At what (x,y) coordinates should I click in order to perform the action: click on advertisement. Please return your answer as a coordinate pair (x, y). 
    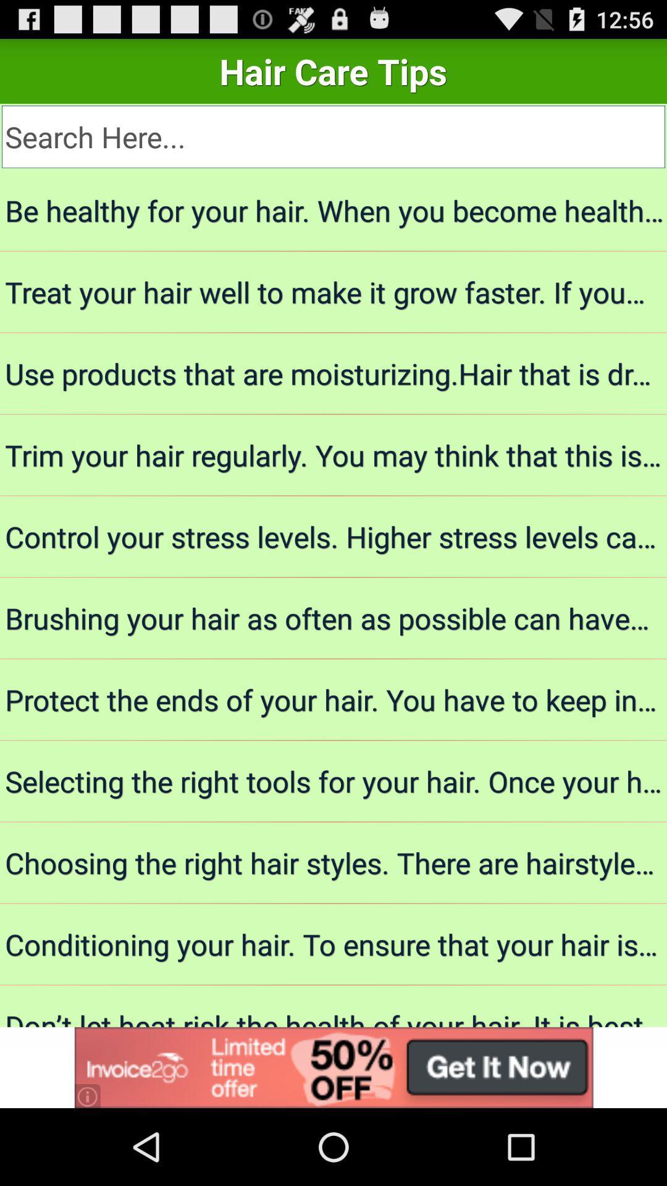
    Looking at the image, I should click on (333, 1067).